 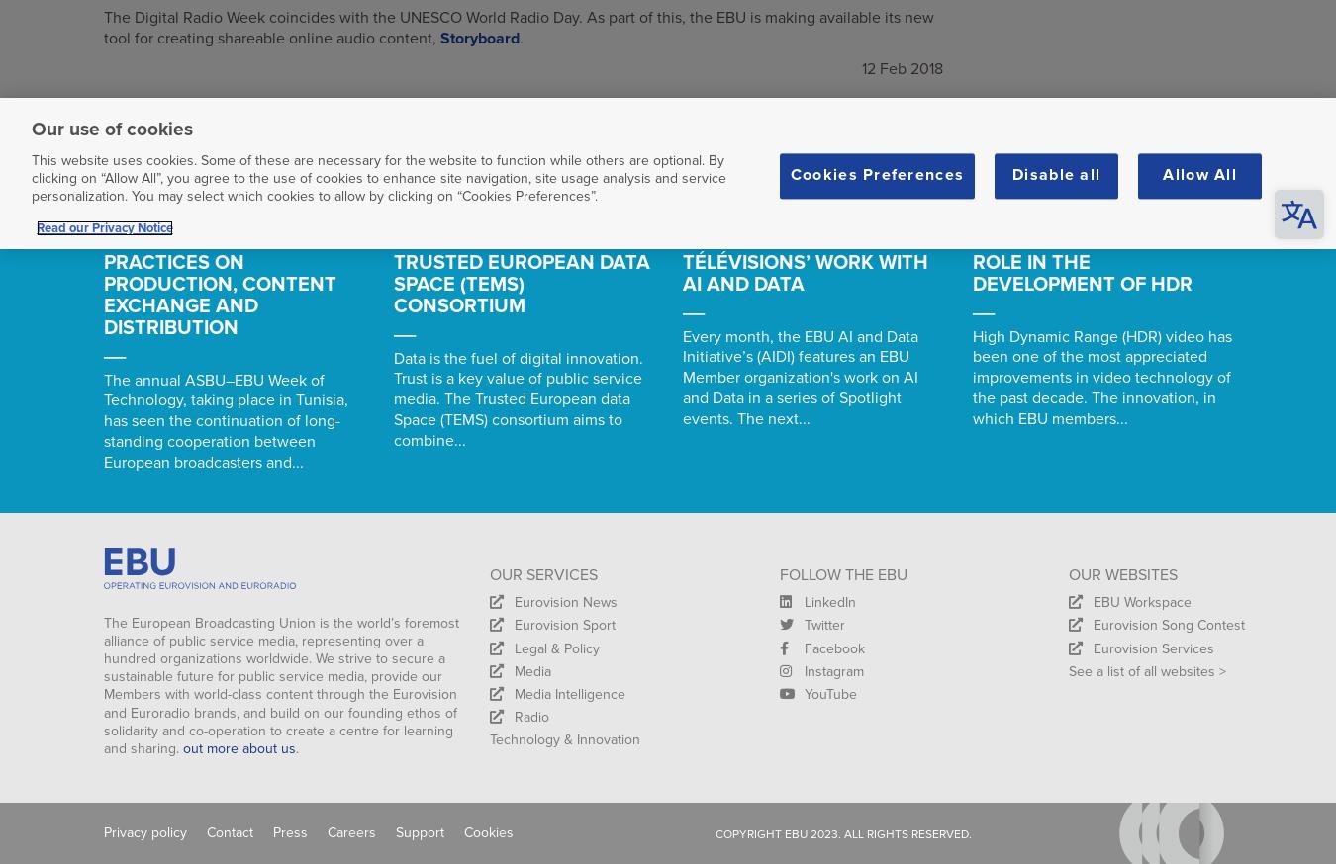 I want to click on 'Follow the EBU', so click(x=842, y=574).